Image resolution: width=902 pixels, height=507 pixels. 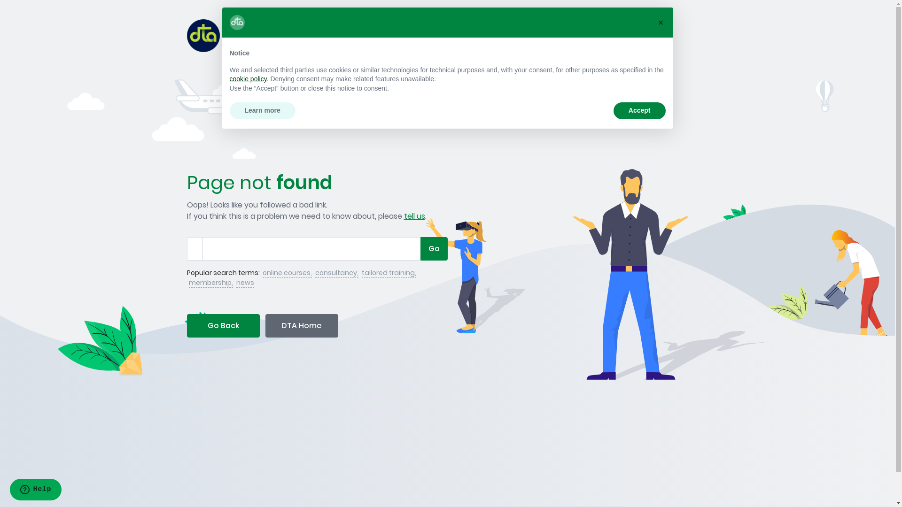 I want to click on 'tell us', so click(x=404, y=216).